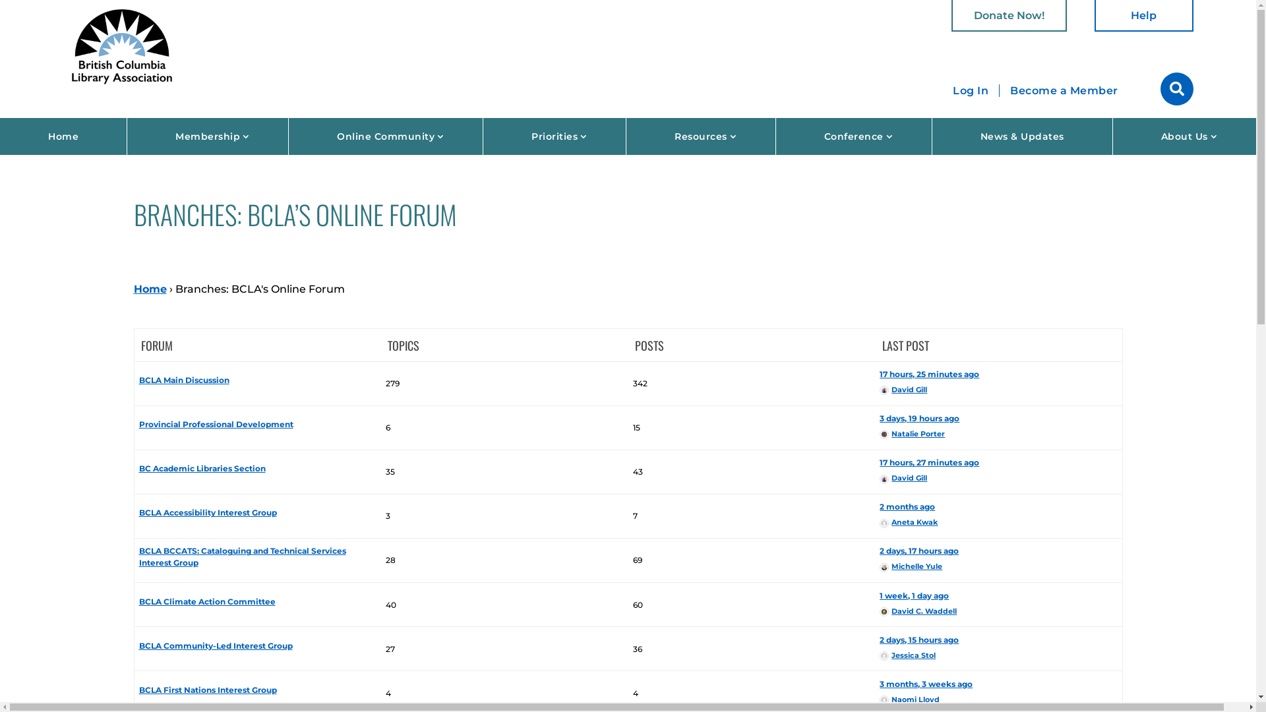 This screenshot has height=712, width=1266. Describe the element at coordinates (1000, 90) in the screenshot. I see `'Become a Member'` at that location.